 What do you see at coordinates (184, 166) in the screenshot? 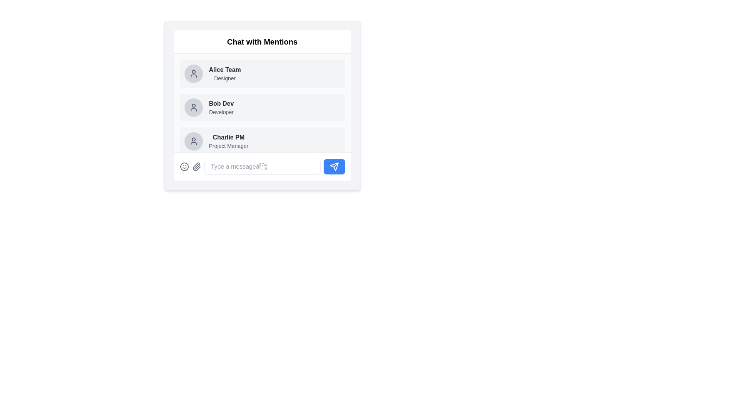
I see `the first interactive button with an icon on the far left of the horizontal row located at the bottom of the chat interface, which is designed to invoke emotional reactions` at bounding box center [184, 166].